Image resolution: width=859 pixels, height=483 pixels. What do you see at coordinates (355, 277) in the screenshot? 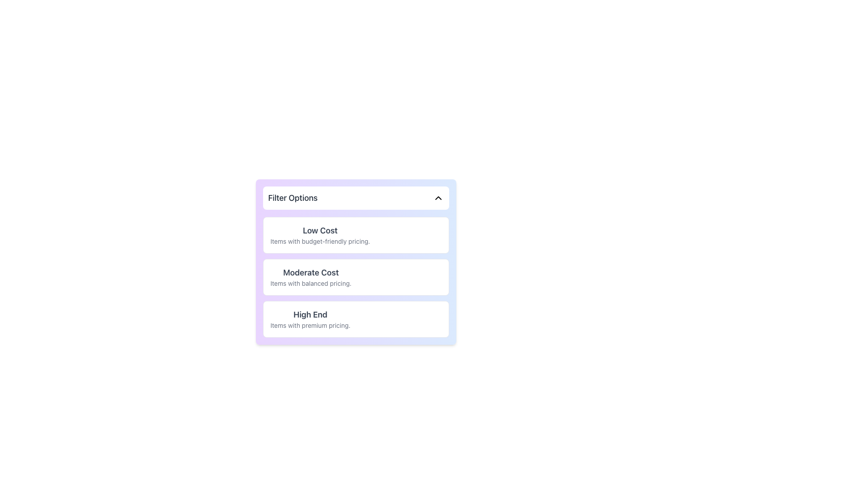
I see `the second card in the vertical list representing the 'Moderate Cost' filter` at bounding box center [355, 277].